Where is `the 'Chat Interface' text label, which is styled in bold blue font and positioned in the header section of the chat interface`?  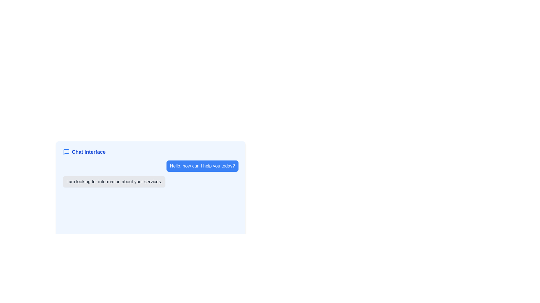
the 'Chat Interface' text label, which is styled in bold blue font and positioned in the header section of the chat interface is located at coordinates (88, 152).